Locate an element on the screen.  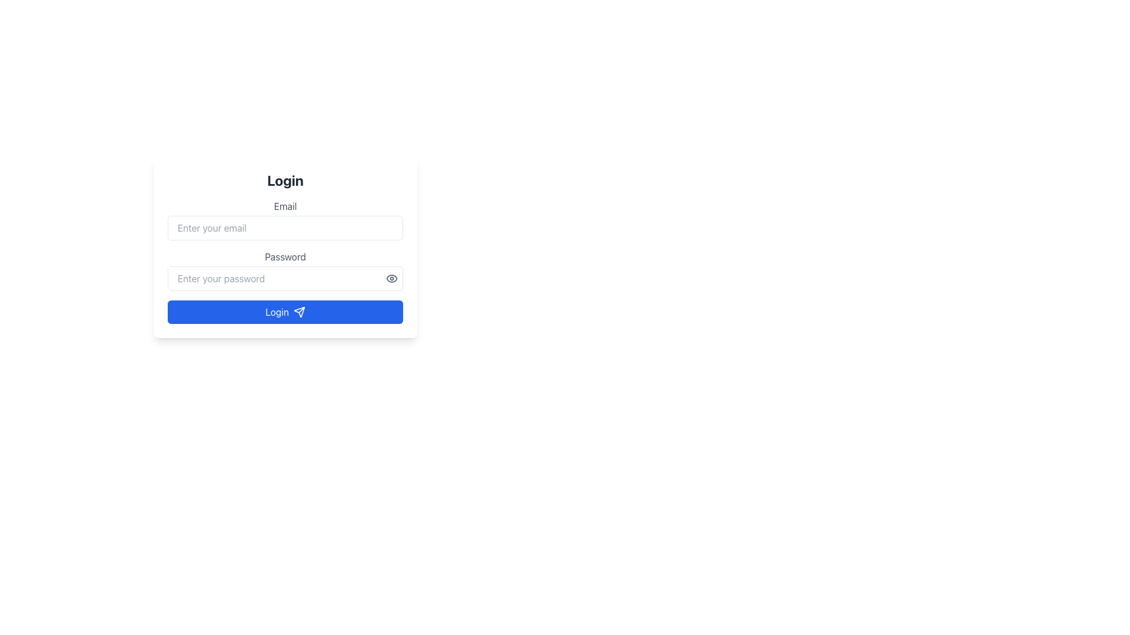
the icon adjacent to the 'Login' button that indicates the action of sending or submitting a form is located at coordinates (299, 312).